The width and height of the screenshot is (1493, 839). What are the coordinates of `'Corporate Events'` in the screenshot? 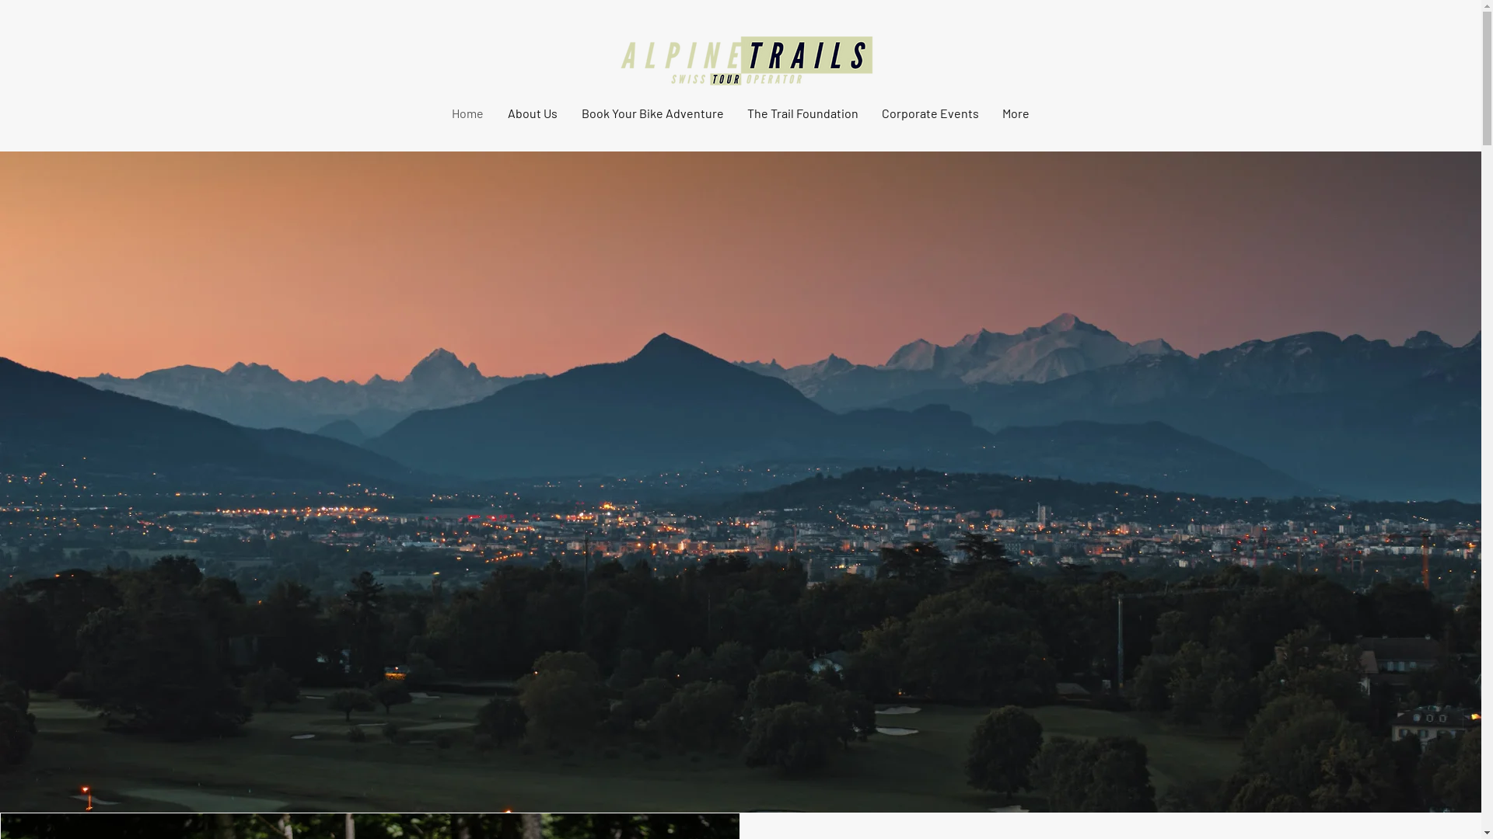 It's located at (929, 113).